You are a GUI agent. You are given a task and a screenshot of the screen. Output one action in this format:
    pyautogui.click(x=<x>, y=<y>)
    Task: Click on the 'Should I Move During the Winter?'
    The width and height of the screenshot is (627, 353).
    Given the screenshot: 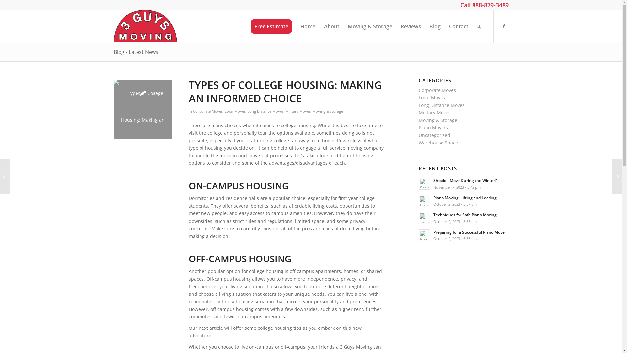 What is the action you would take?
    pyautogui.click(x=433, y=180)
    